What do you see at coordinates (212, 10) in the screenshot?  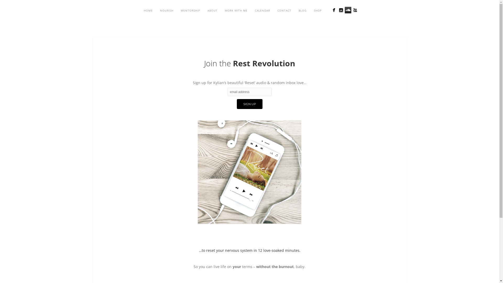 I see `'ABOUT'` at bounding box center [212, 10].